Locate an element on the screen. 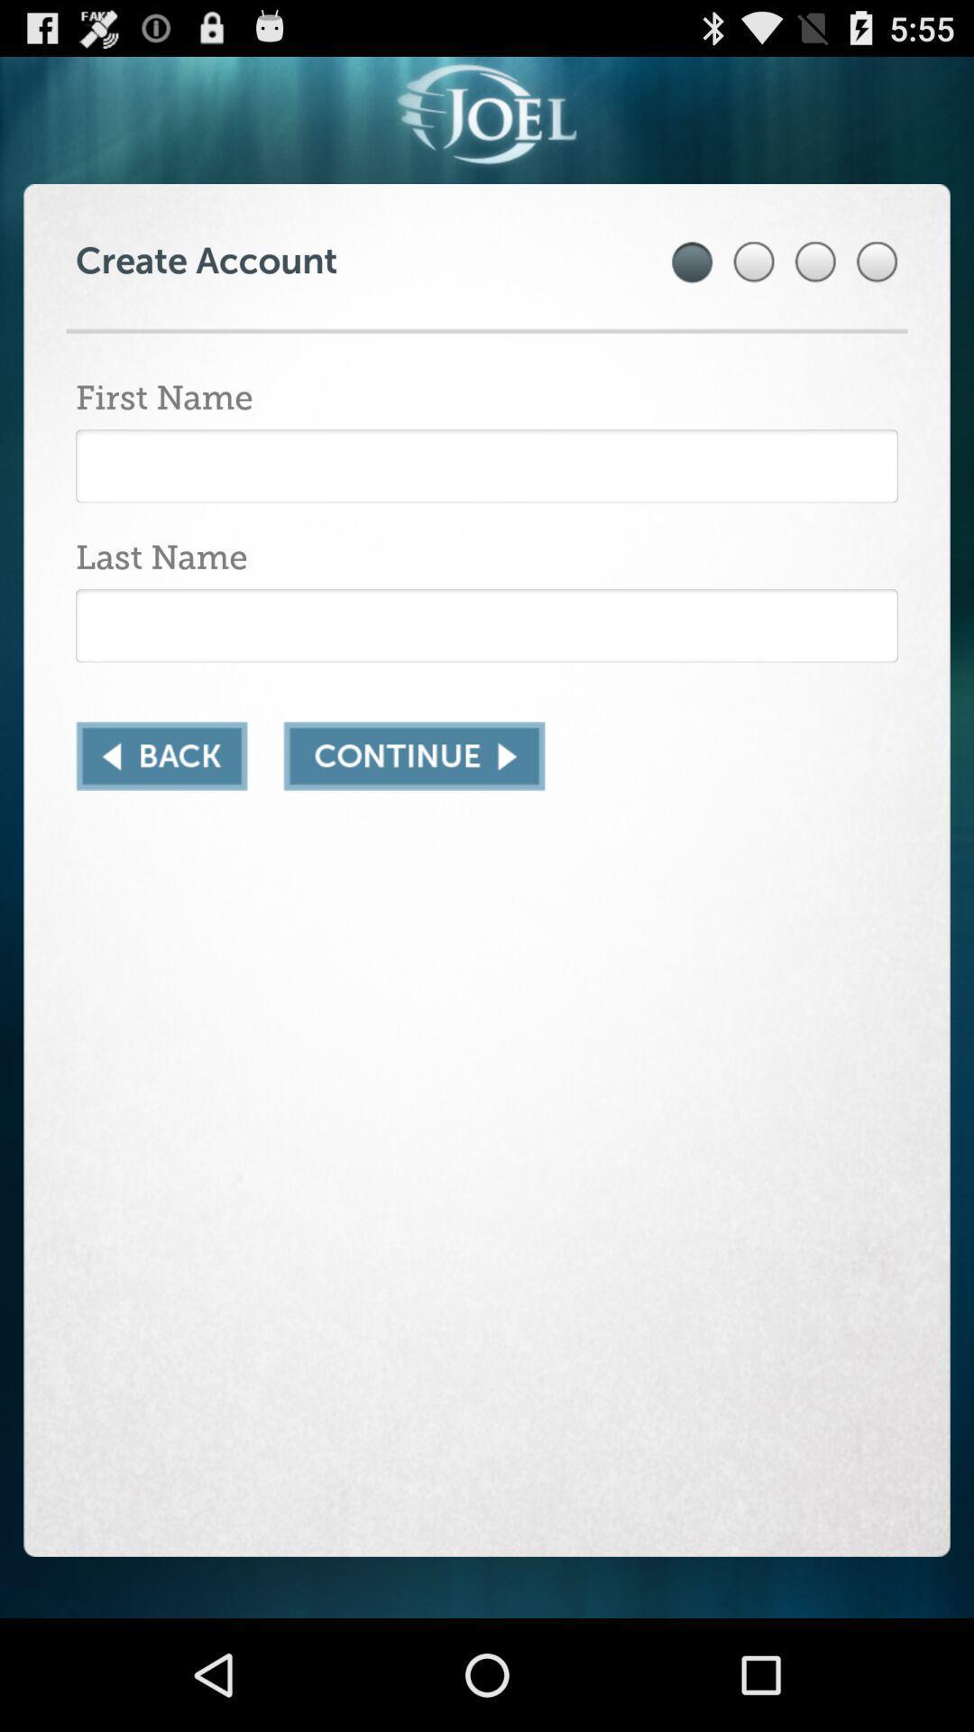 The height and width of the screenshot is (1732, 974). return to the previous page is located at coordinates (161, 756).